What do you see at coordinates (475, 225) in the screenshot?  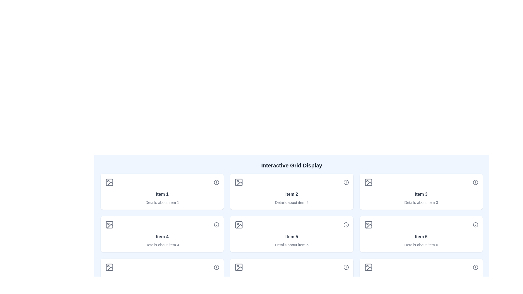 I see `the circular SVG graphical element styled as an information icon located at the far right of the grid item labeled 'Item 6'` at bounding box center [475, 225].